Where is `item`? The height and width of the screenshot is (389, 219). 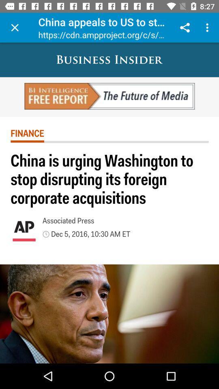 item is located at coordinates (15, 28).